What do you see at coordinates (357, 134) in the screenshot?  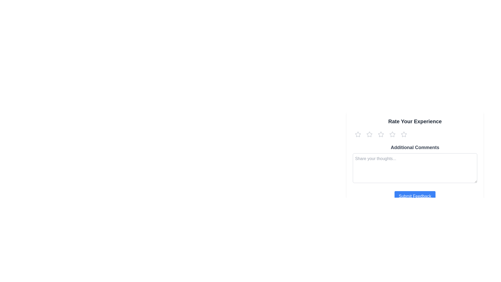 I see `the first star icon` at bounding box center [357, 134].